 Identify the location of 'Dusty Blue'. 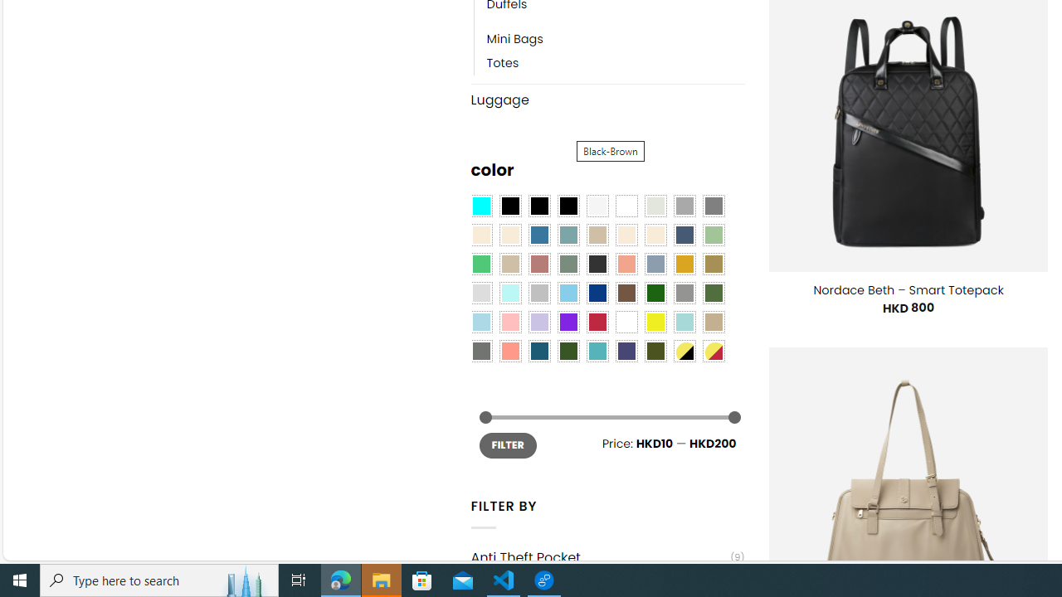
(654, 263).